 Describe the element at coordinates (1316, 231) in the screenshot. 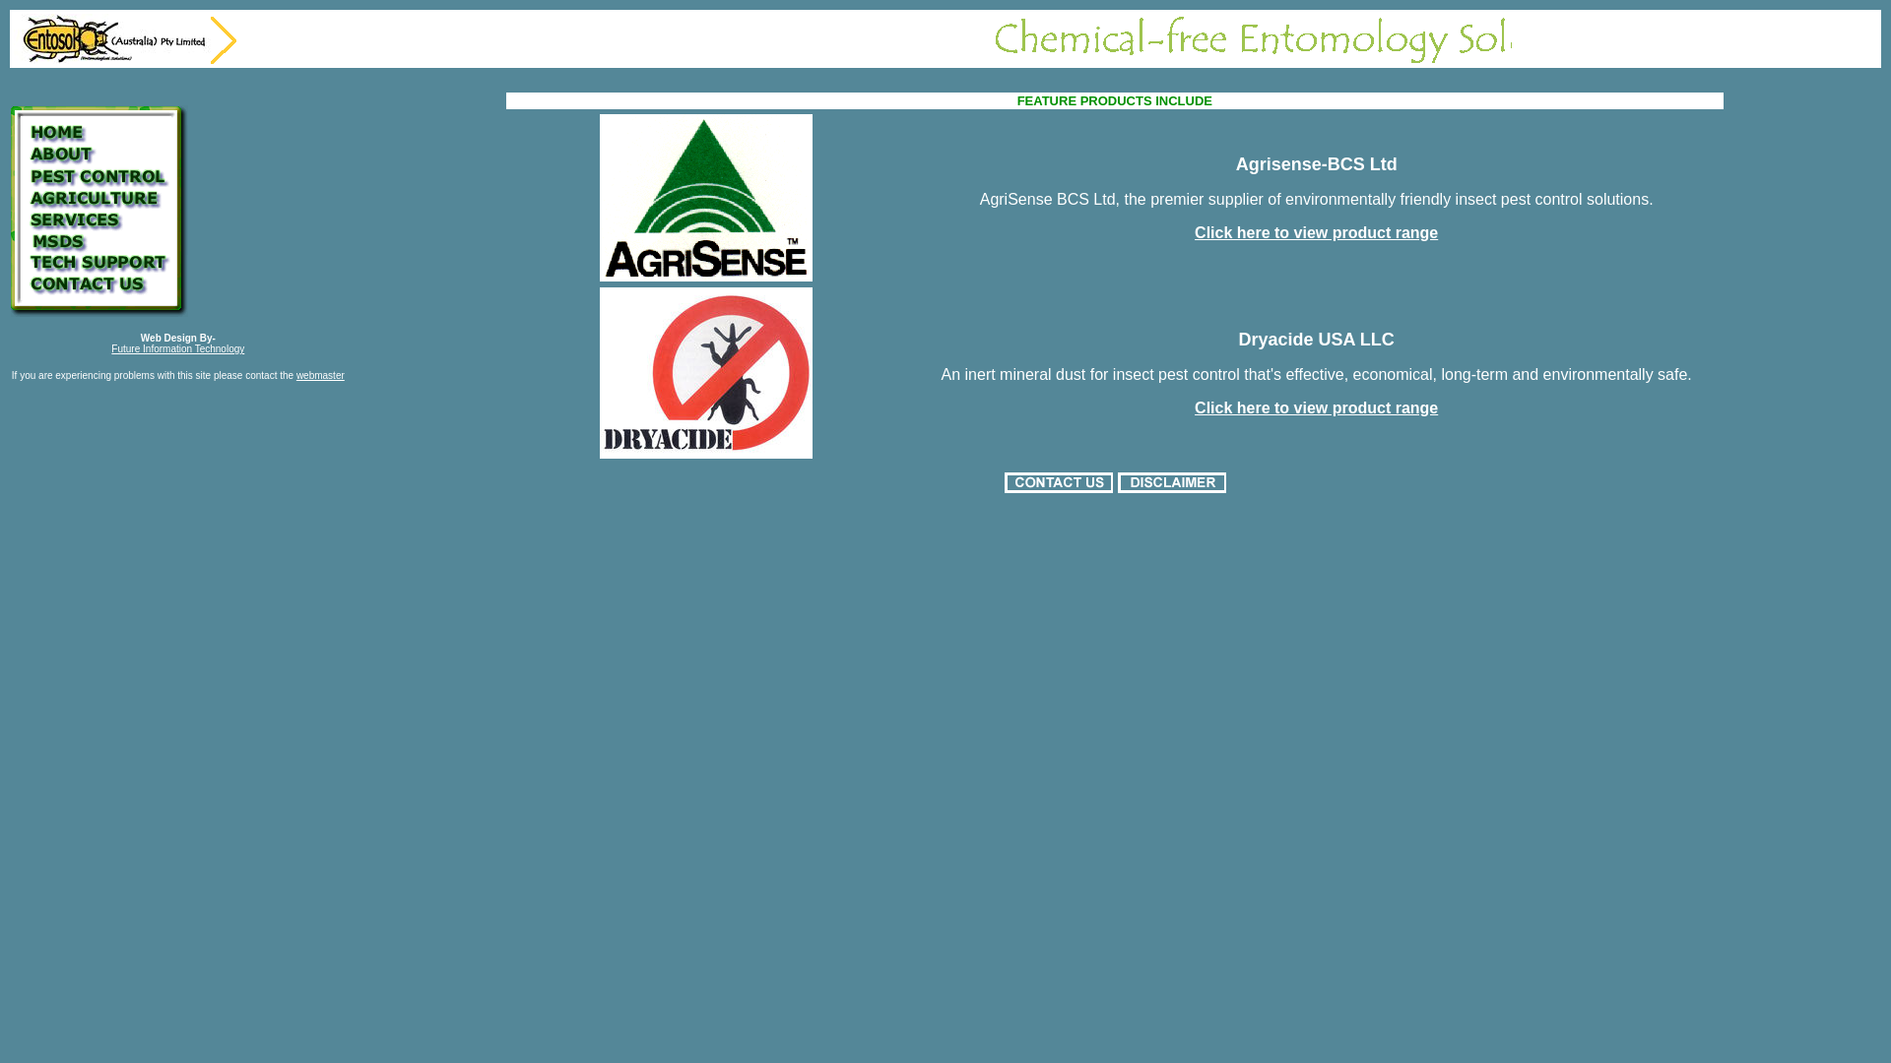

I see `'Click here to view product range'` at that location.